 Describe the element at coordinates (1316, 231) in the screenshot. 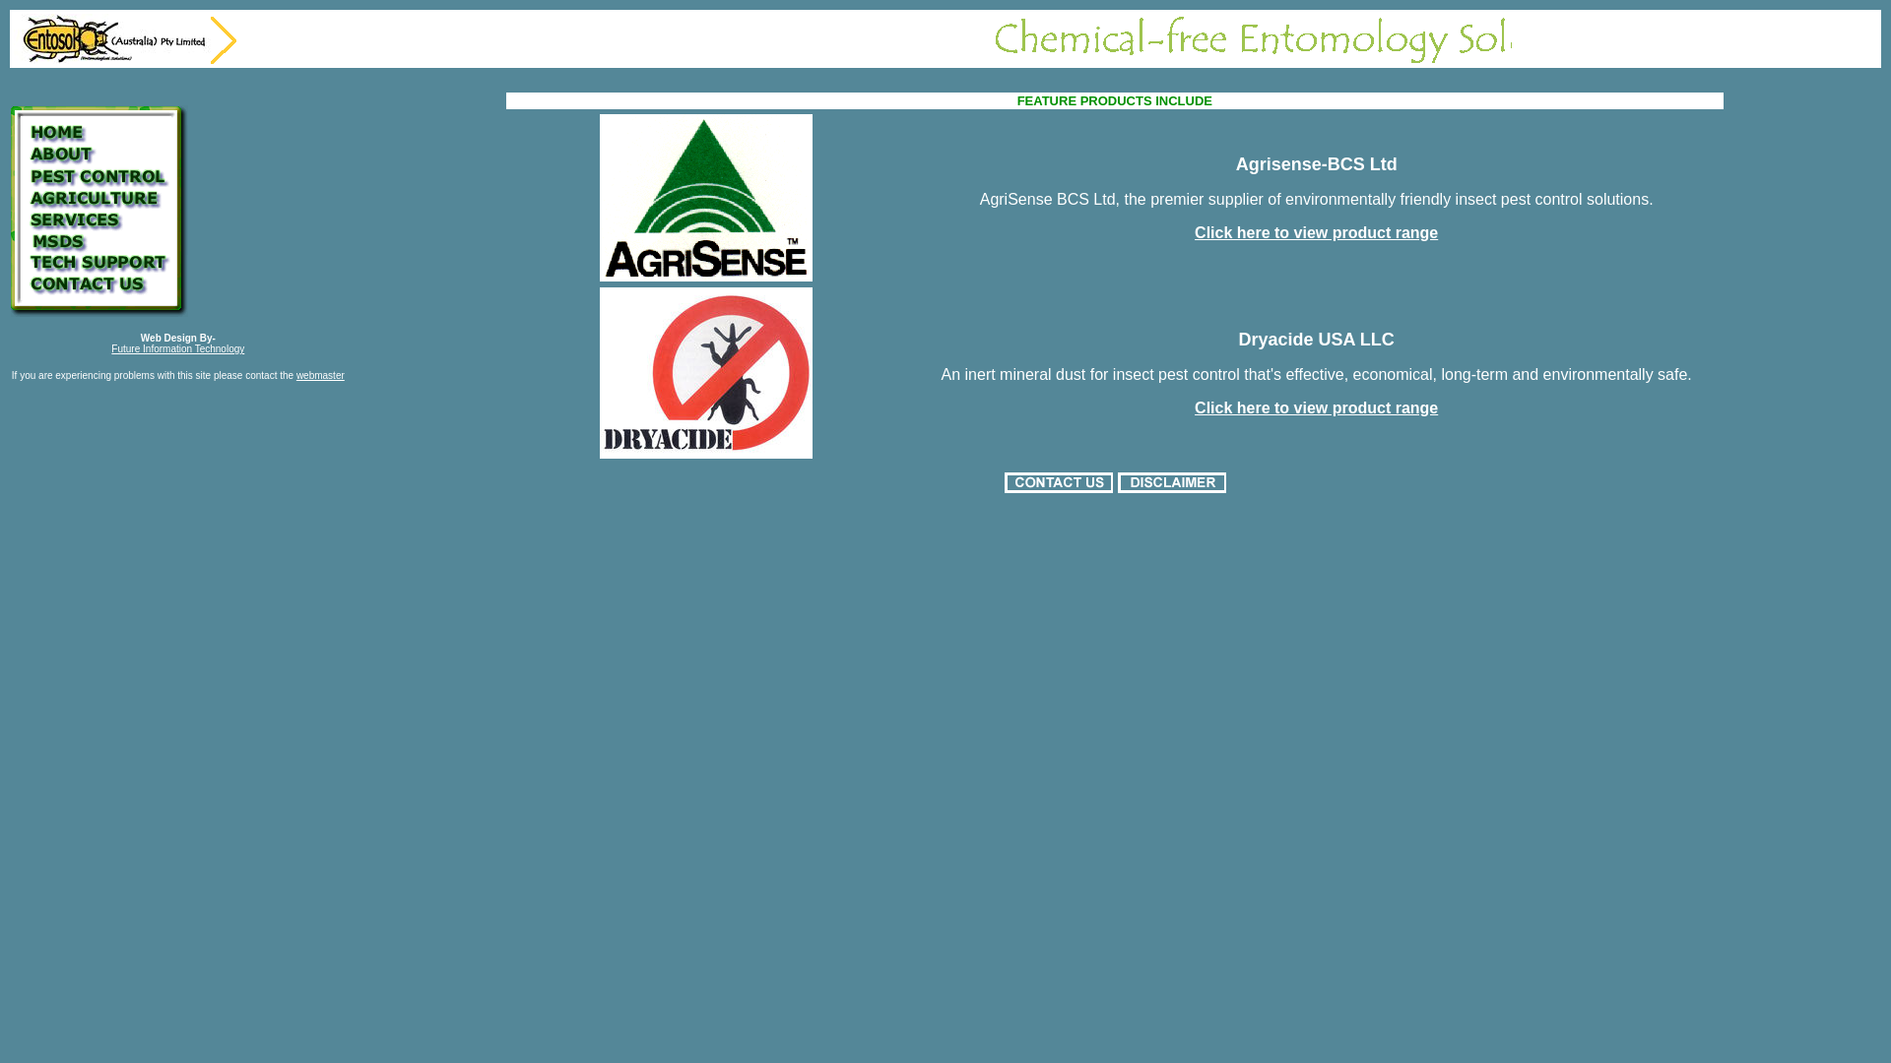

I see `'Click here to view product range'` at that location.